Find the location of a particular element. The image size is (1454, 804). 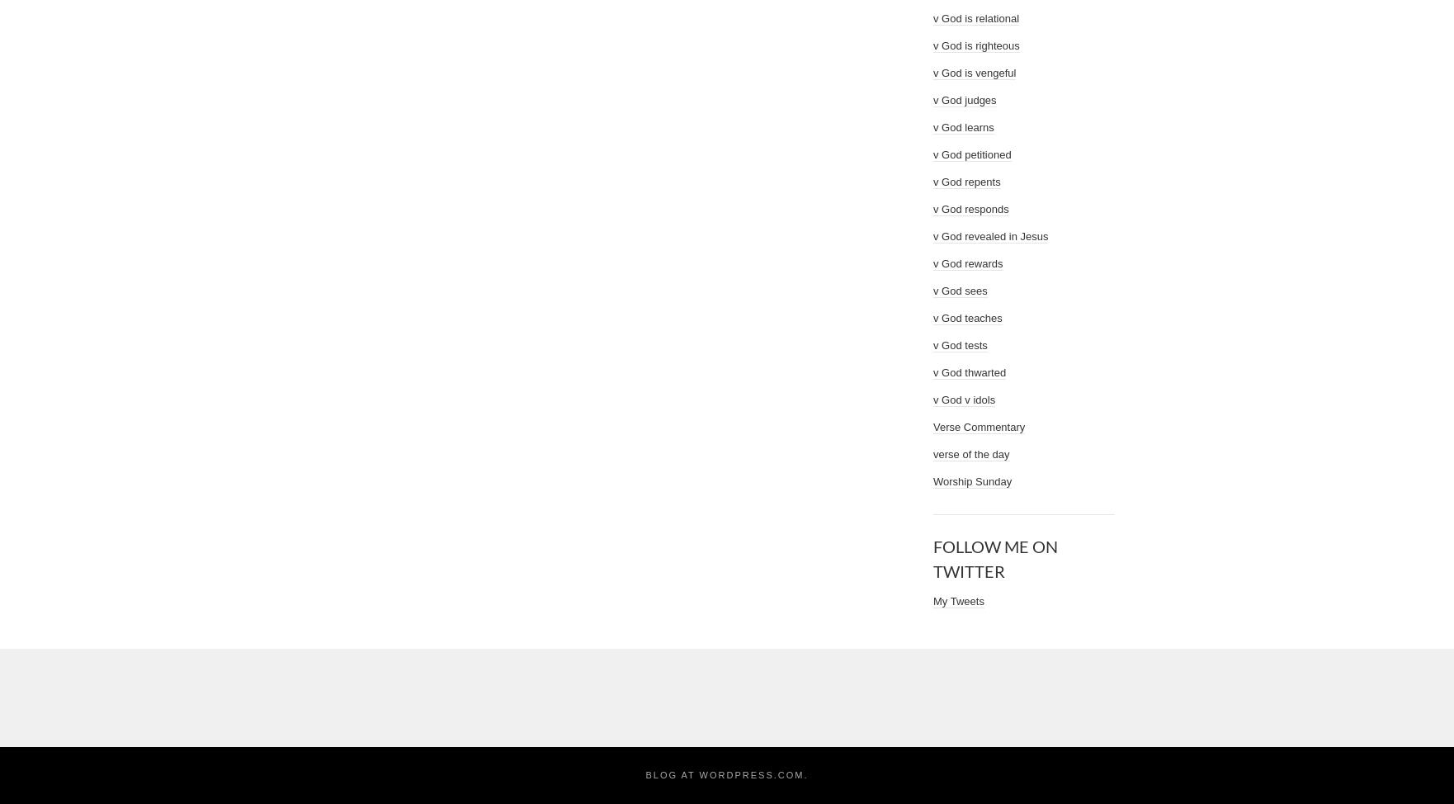

'v God responds' is located at coordinates (933, 208).